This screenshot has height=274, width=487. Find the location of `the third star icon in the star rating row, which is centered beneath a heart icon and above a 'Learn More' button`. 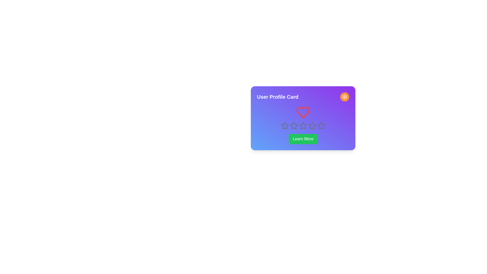

the third star icon in the star rating row, which is centered beneath a heart icon and above a 'Learn More' button is located at coordinates (303, 126).